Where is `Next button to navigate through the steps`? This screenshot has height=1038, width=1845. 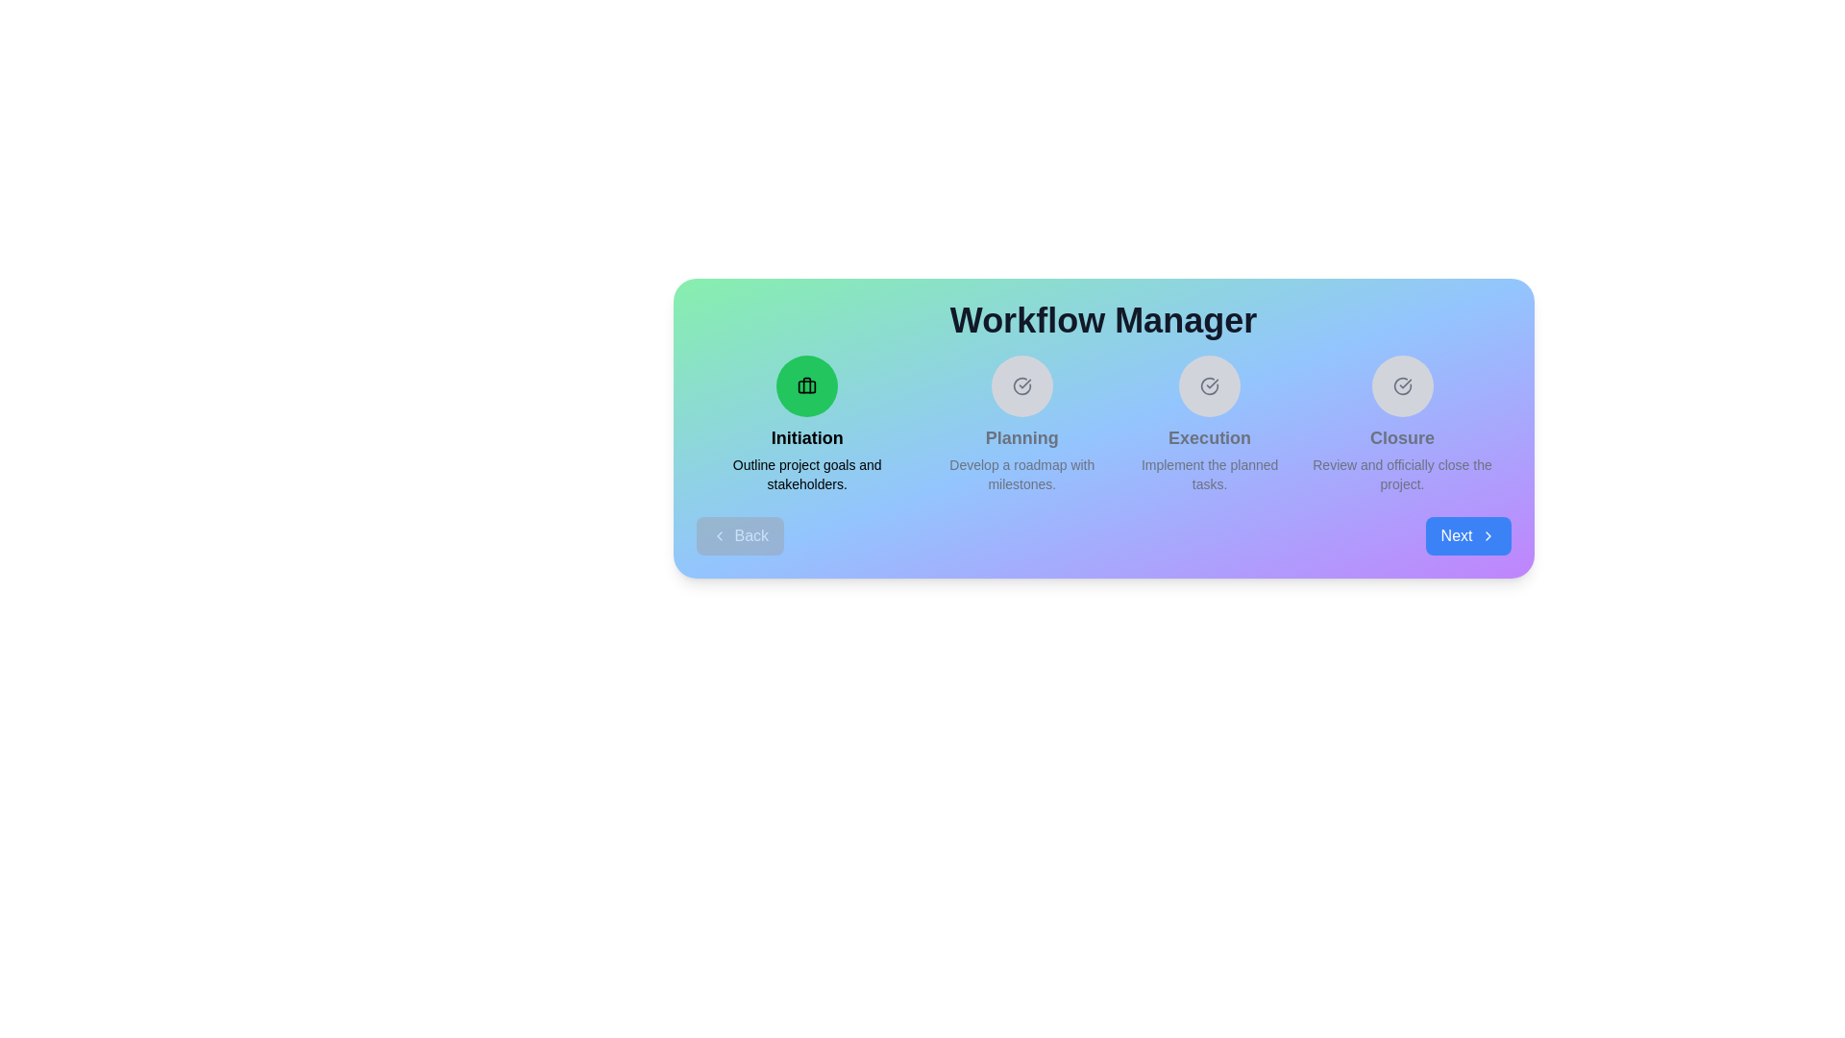 Next button to navigate through the steps is located at coordinates (1467, 536).